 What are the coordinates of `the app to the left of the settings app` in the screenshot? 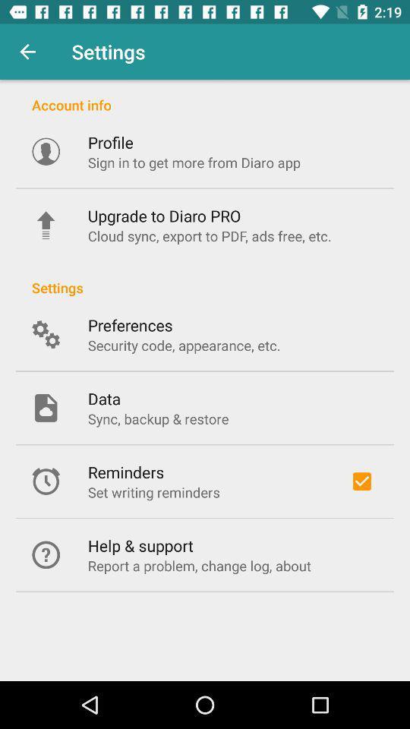 It's located at (27, 52).